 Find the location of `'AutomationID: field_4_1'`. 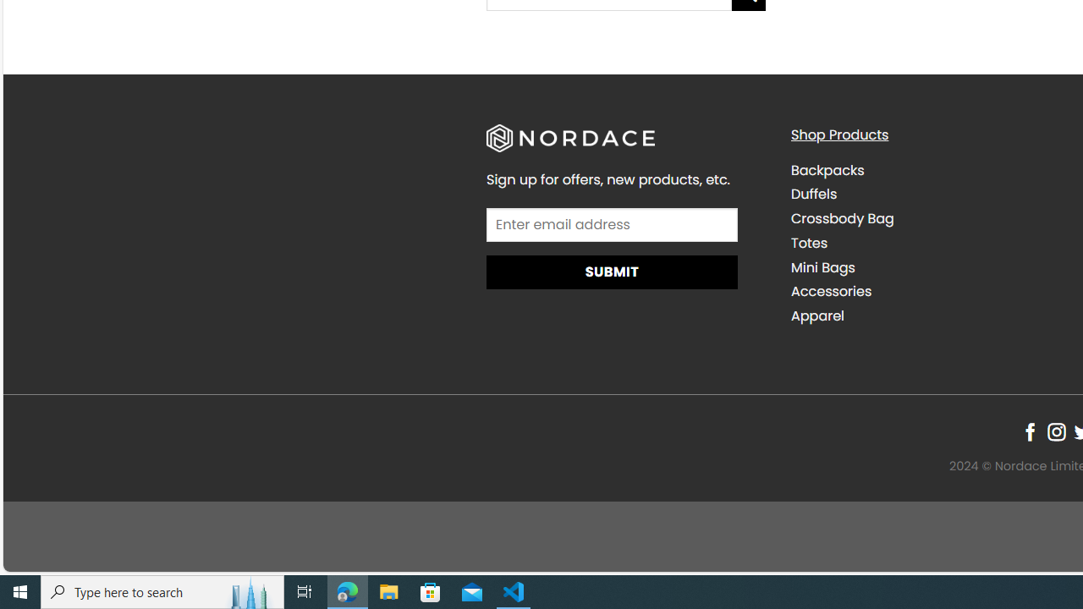

'AutomationID: field_4_1' is located at coordinates (611, 225).